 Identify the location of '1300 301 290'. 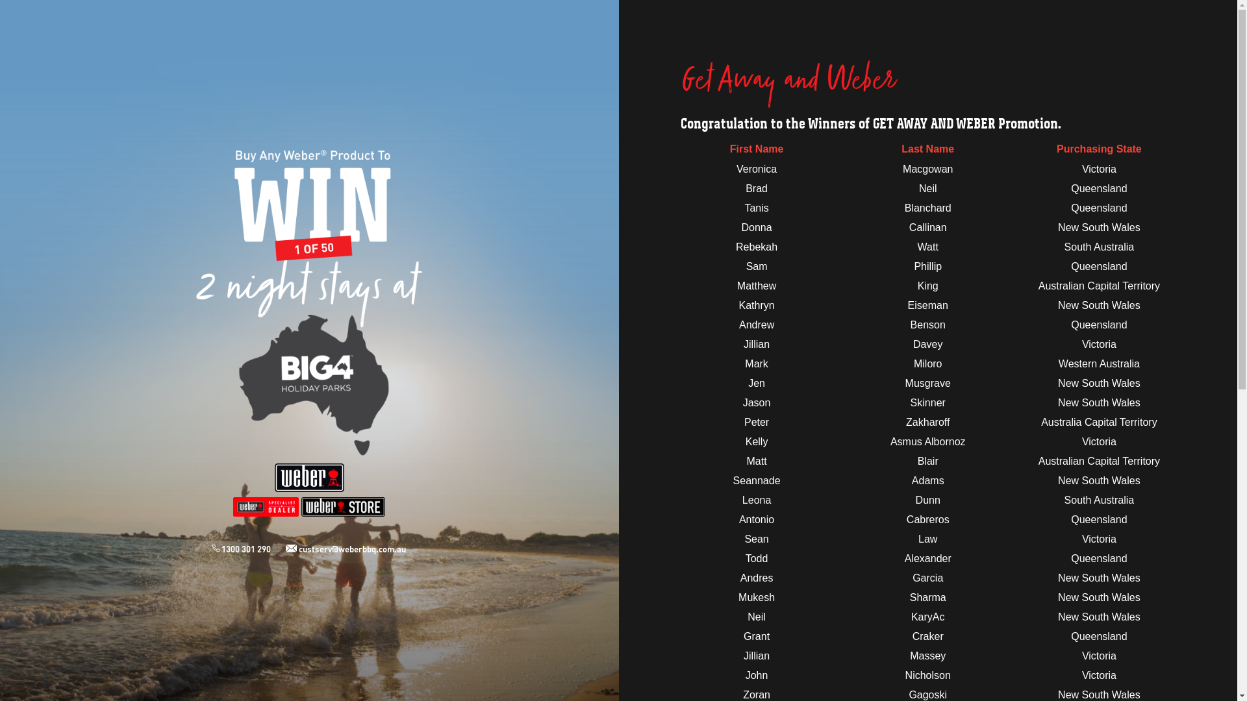
(249, 548).